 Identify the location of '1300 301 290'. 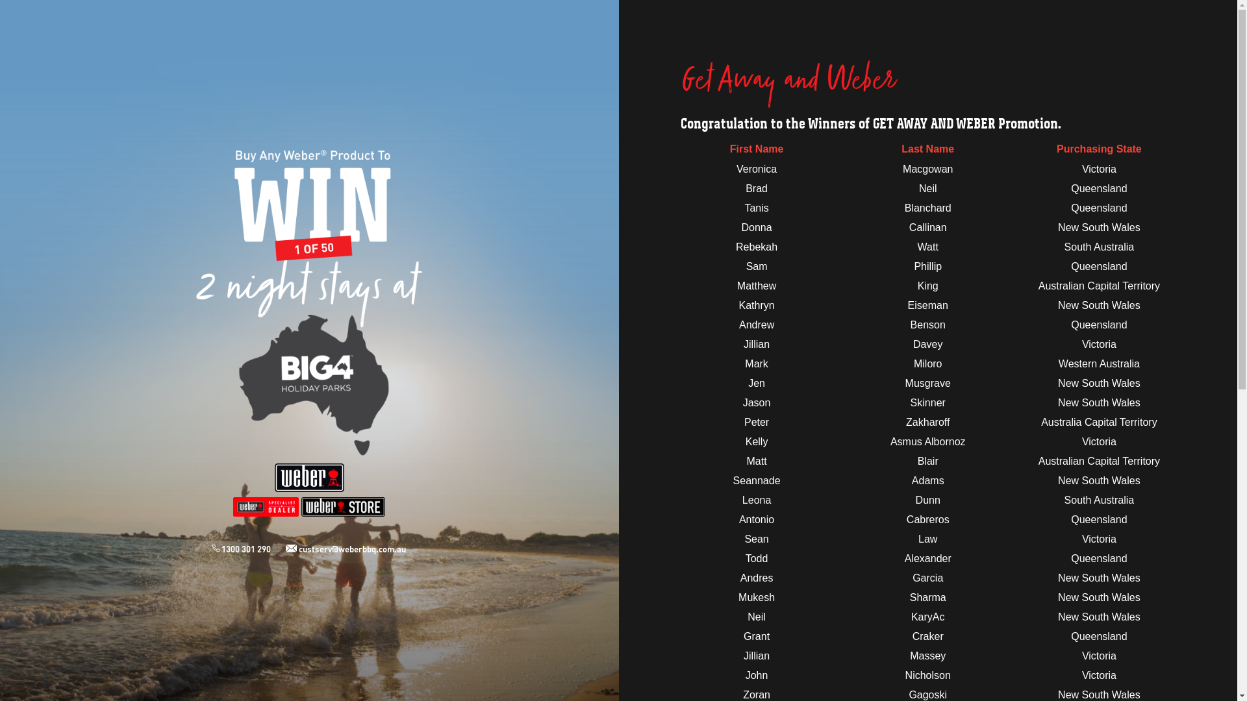
(249, 548).